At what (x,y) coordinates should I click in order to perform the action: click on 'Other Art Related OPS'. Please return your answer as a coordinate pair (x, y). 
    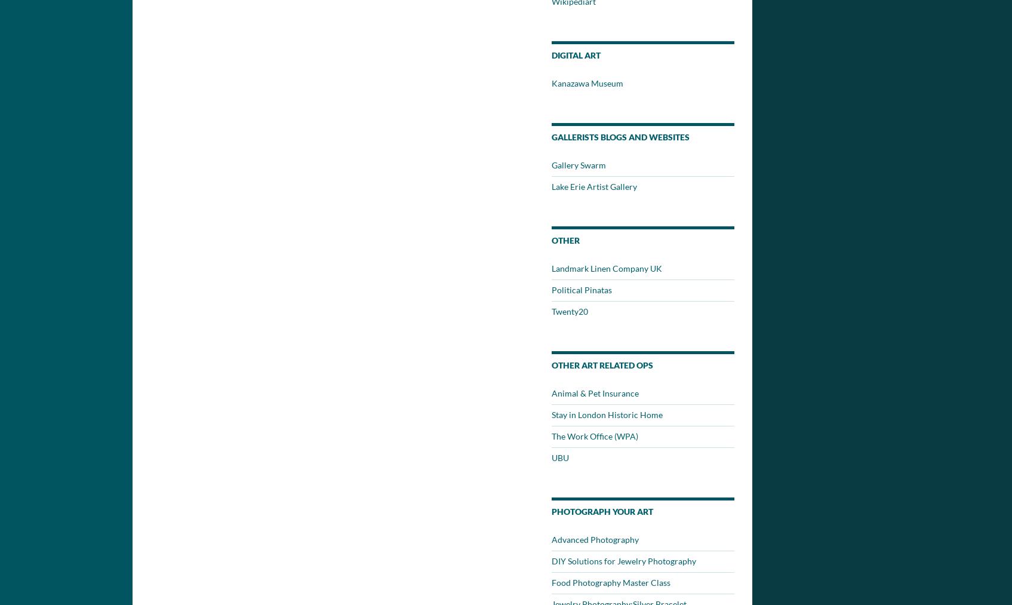
    Looking at the image, I should click on (602, 364).